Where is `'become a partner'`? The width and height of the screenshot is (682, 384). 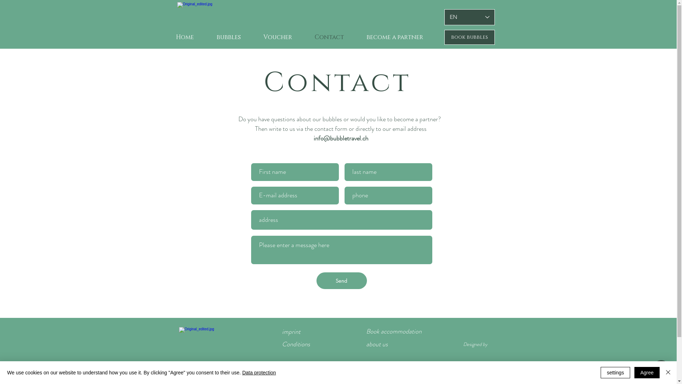 'become a partner' is located at coordinates (394, 37).